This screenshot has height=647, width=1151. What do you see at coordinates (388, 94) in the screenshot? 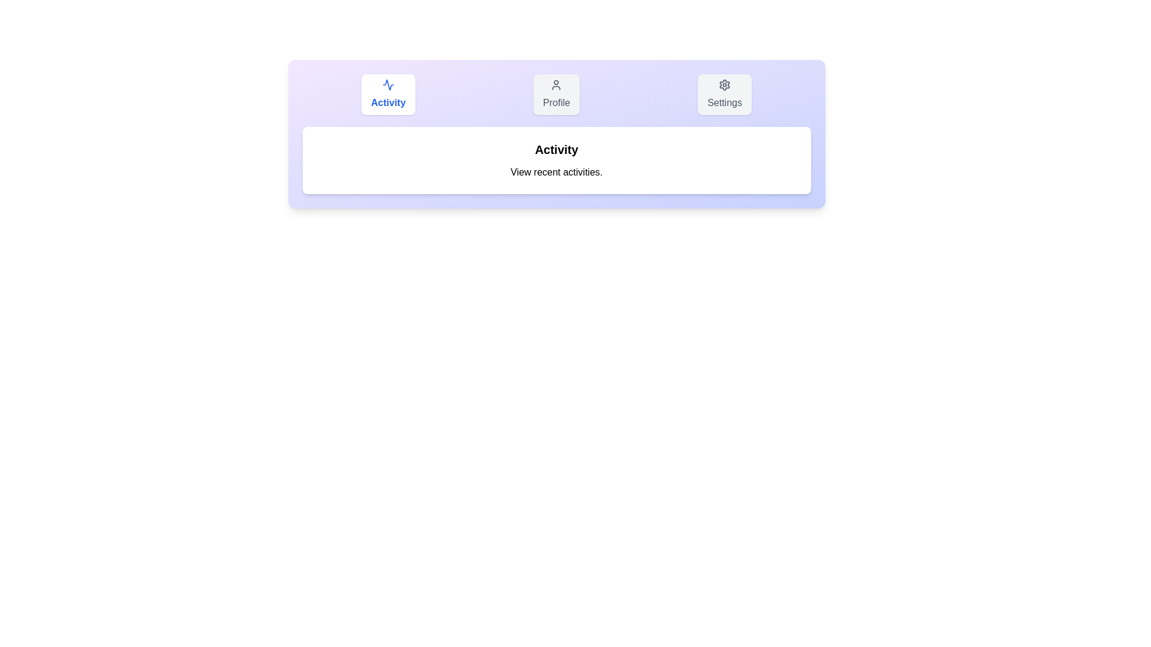
I see `the Activity tab to switch to it` at bounding box center [388, 94].